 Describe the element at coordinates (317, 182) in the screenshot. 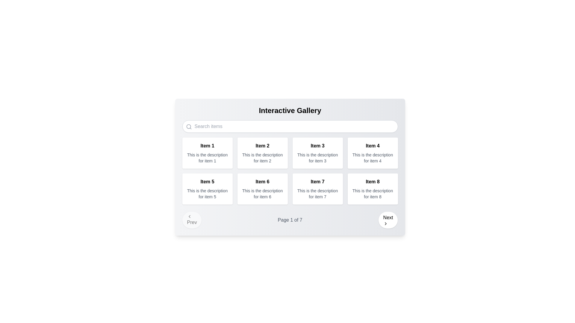

I see `the bold-styled title displaying 'Item 7', which is located in the third card of the first row in a grid of eight cards` at that location.